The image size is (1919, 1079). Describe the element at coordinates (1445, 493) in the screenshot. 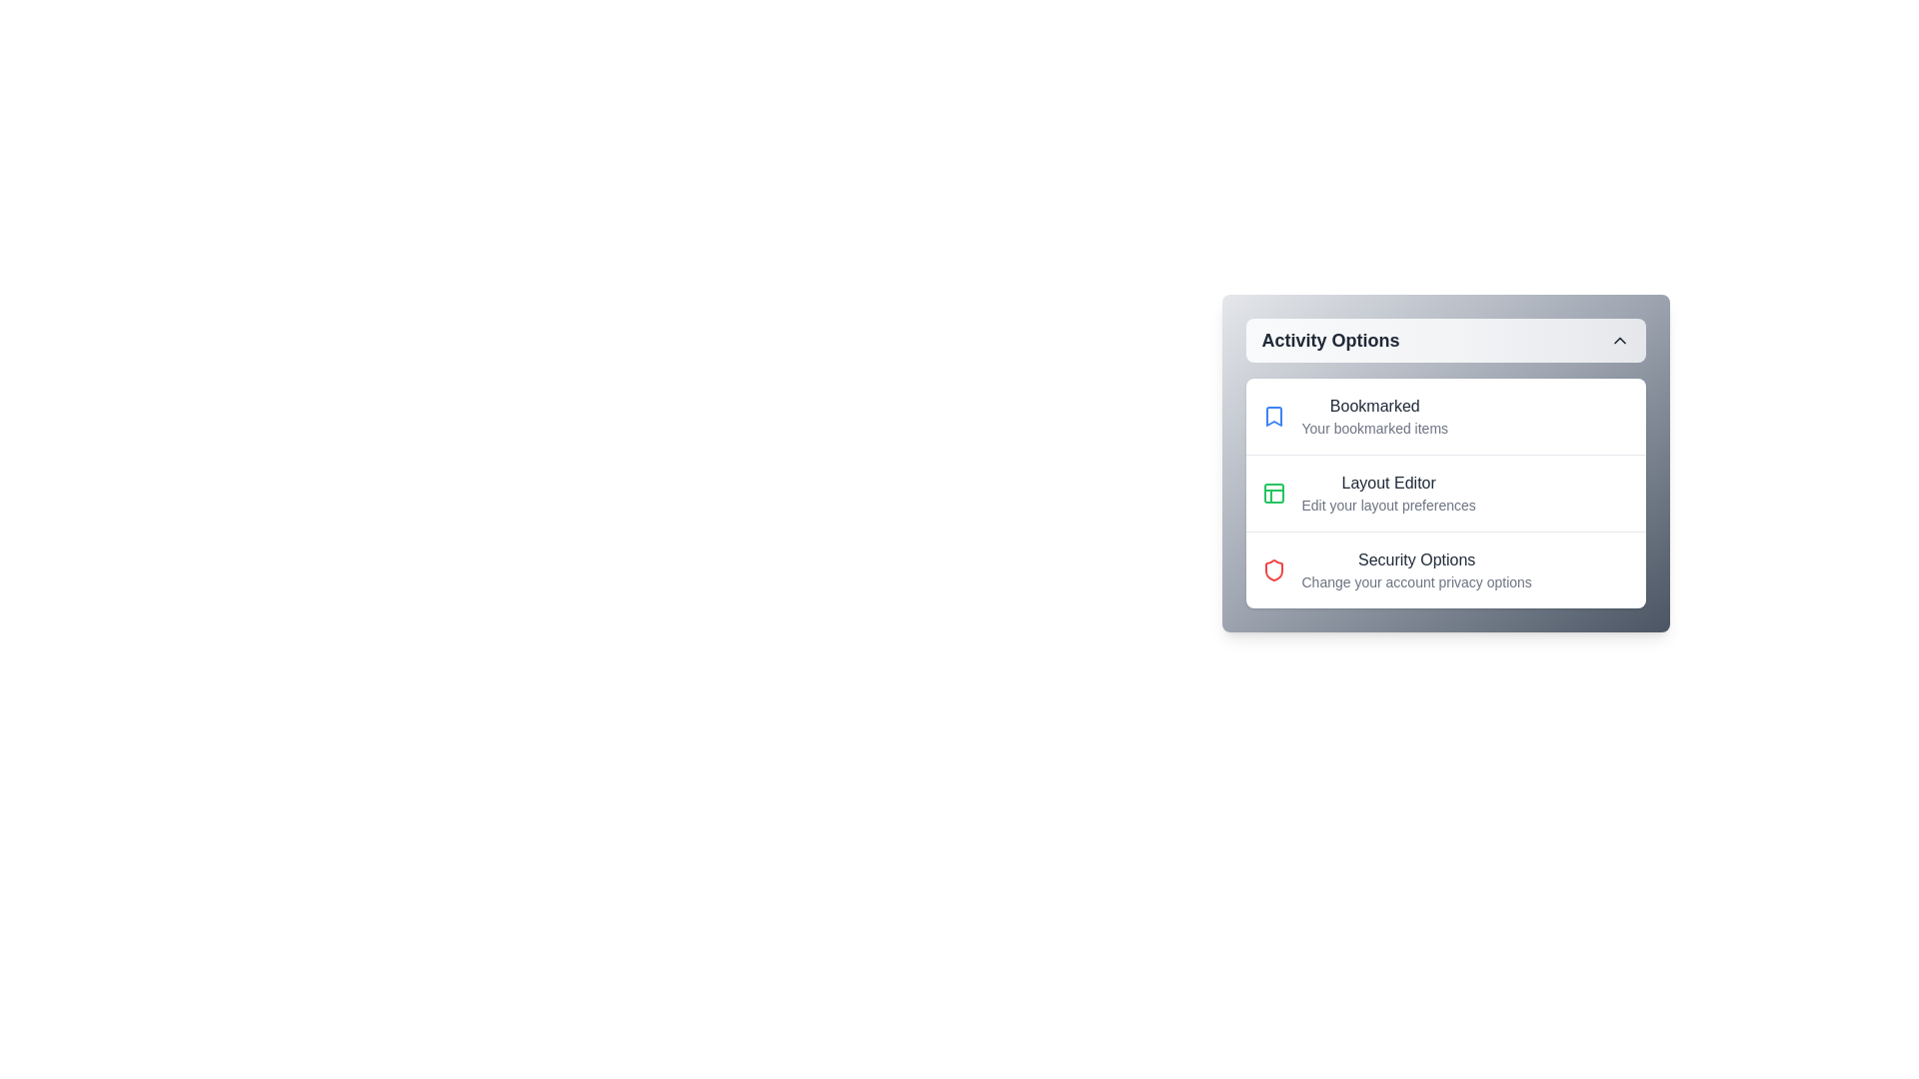

I see `the 'Layout Editor' list item, which features a bold title and a descriptive text below it` at that location.